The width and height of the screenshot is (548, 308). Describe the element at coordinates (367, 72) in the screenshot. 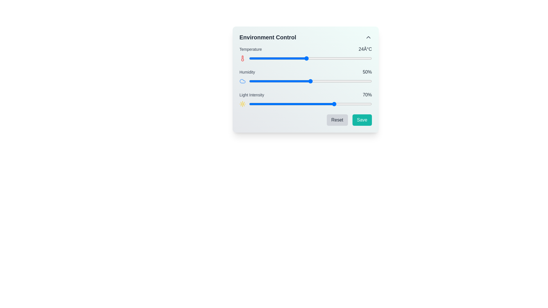

I see `the text label displaying '50%' which is positioned next to the 'Humidity' label in the 'Environment Control' section` at that location.